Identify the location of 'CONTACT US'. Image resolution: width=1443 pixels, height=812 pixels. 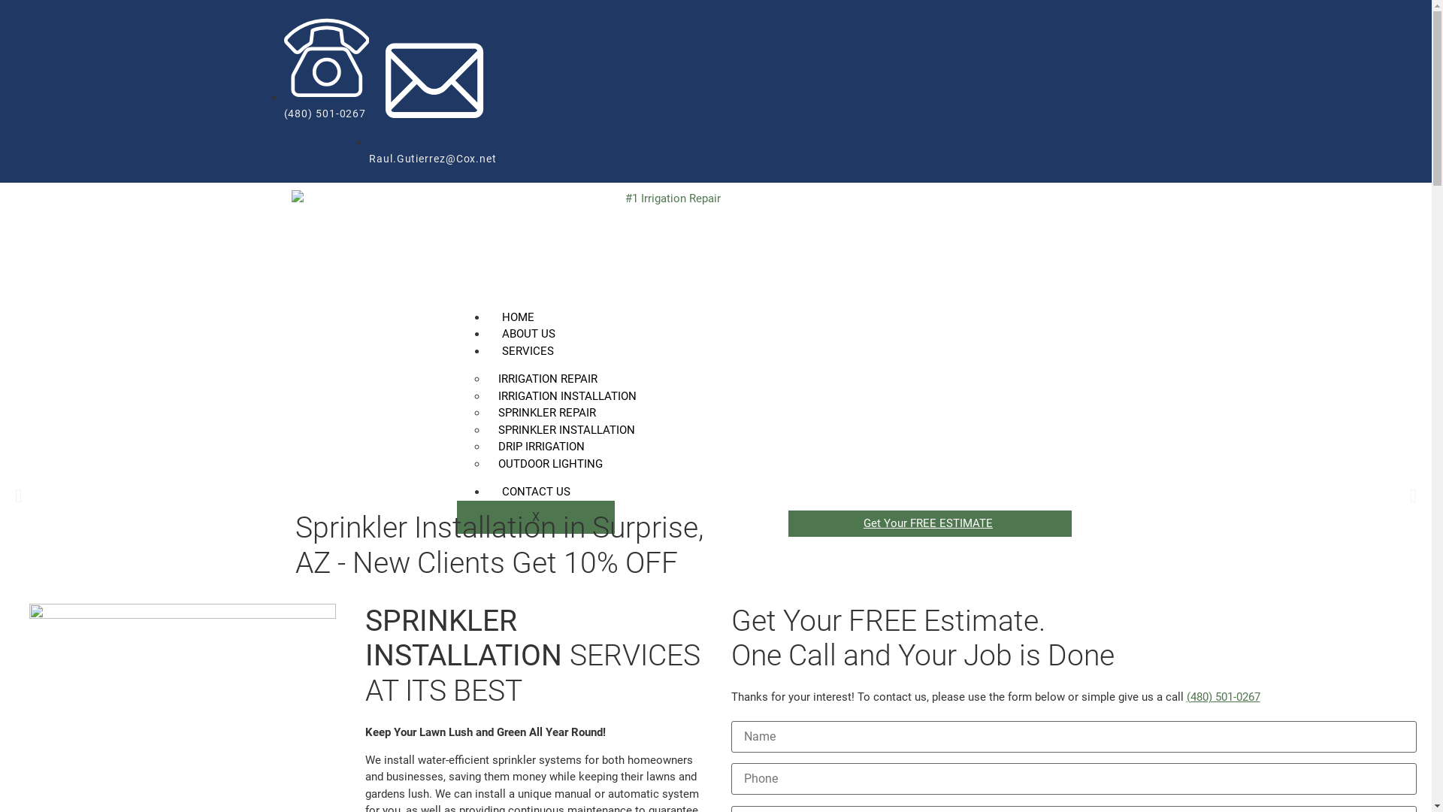
(536, 492).